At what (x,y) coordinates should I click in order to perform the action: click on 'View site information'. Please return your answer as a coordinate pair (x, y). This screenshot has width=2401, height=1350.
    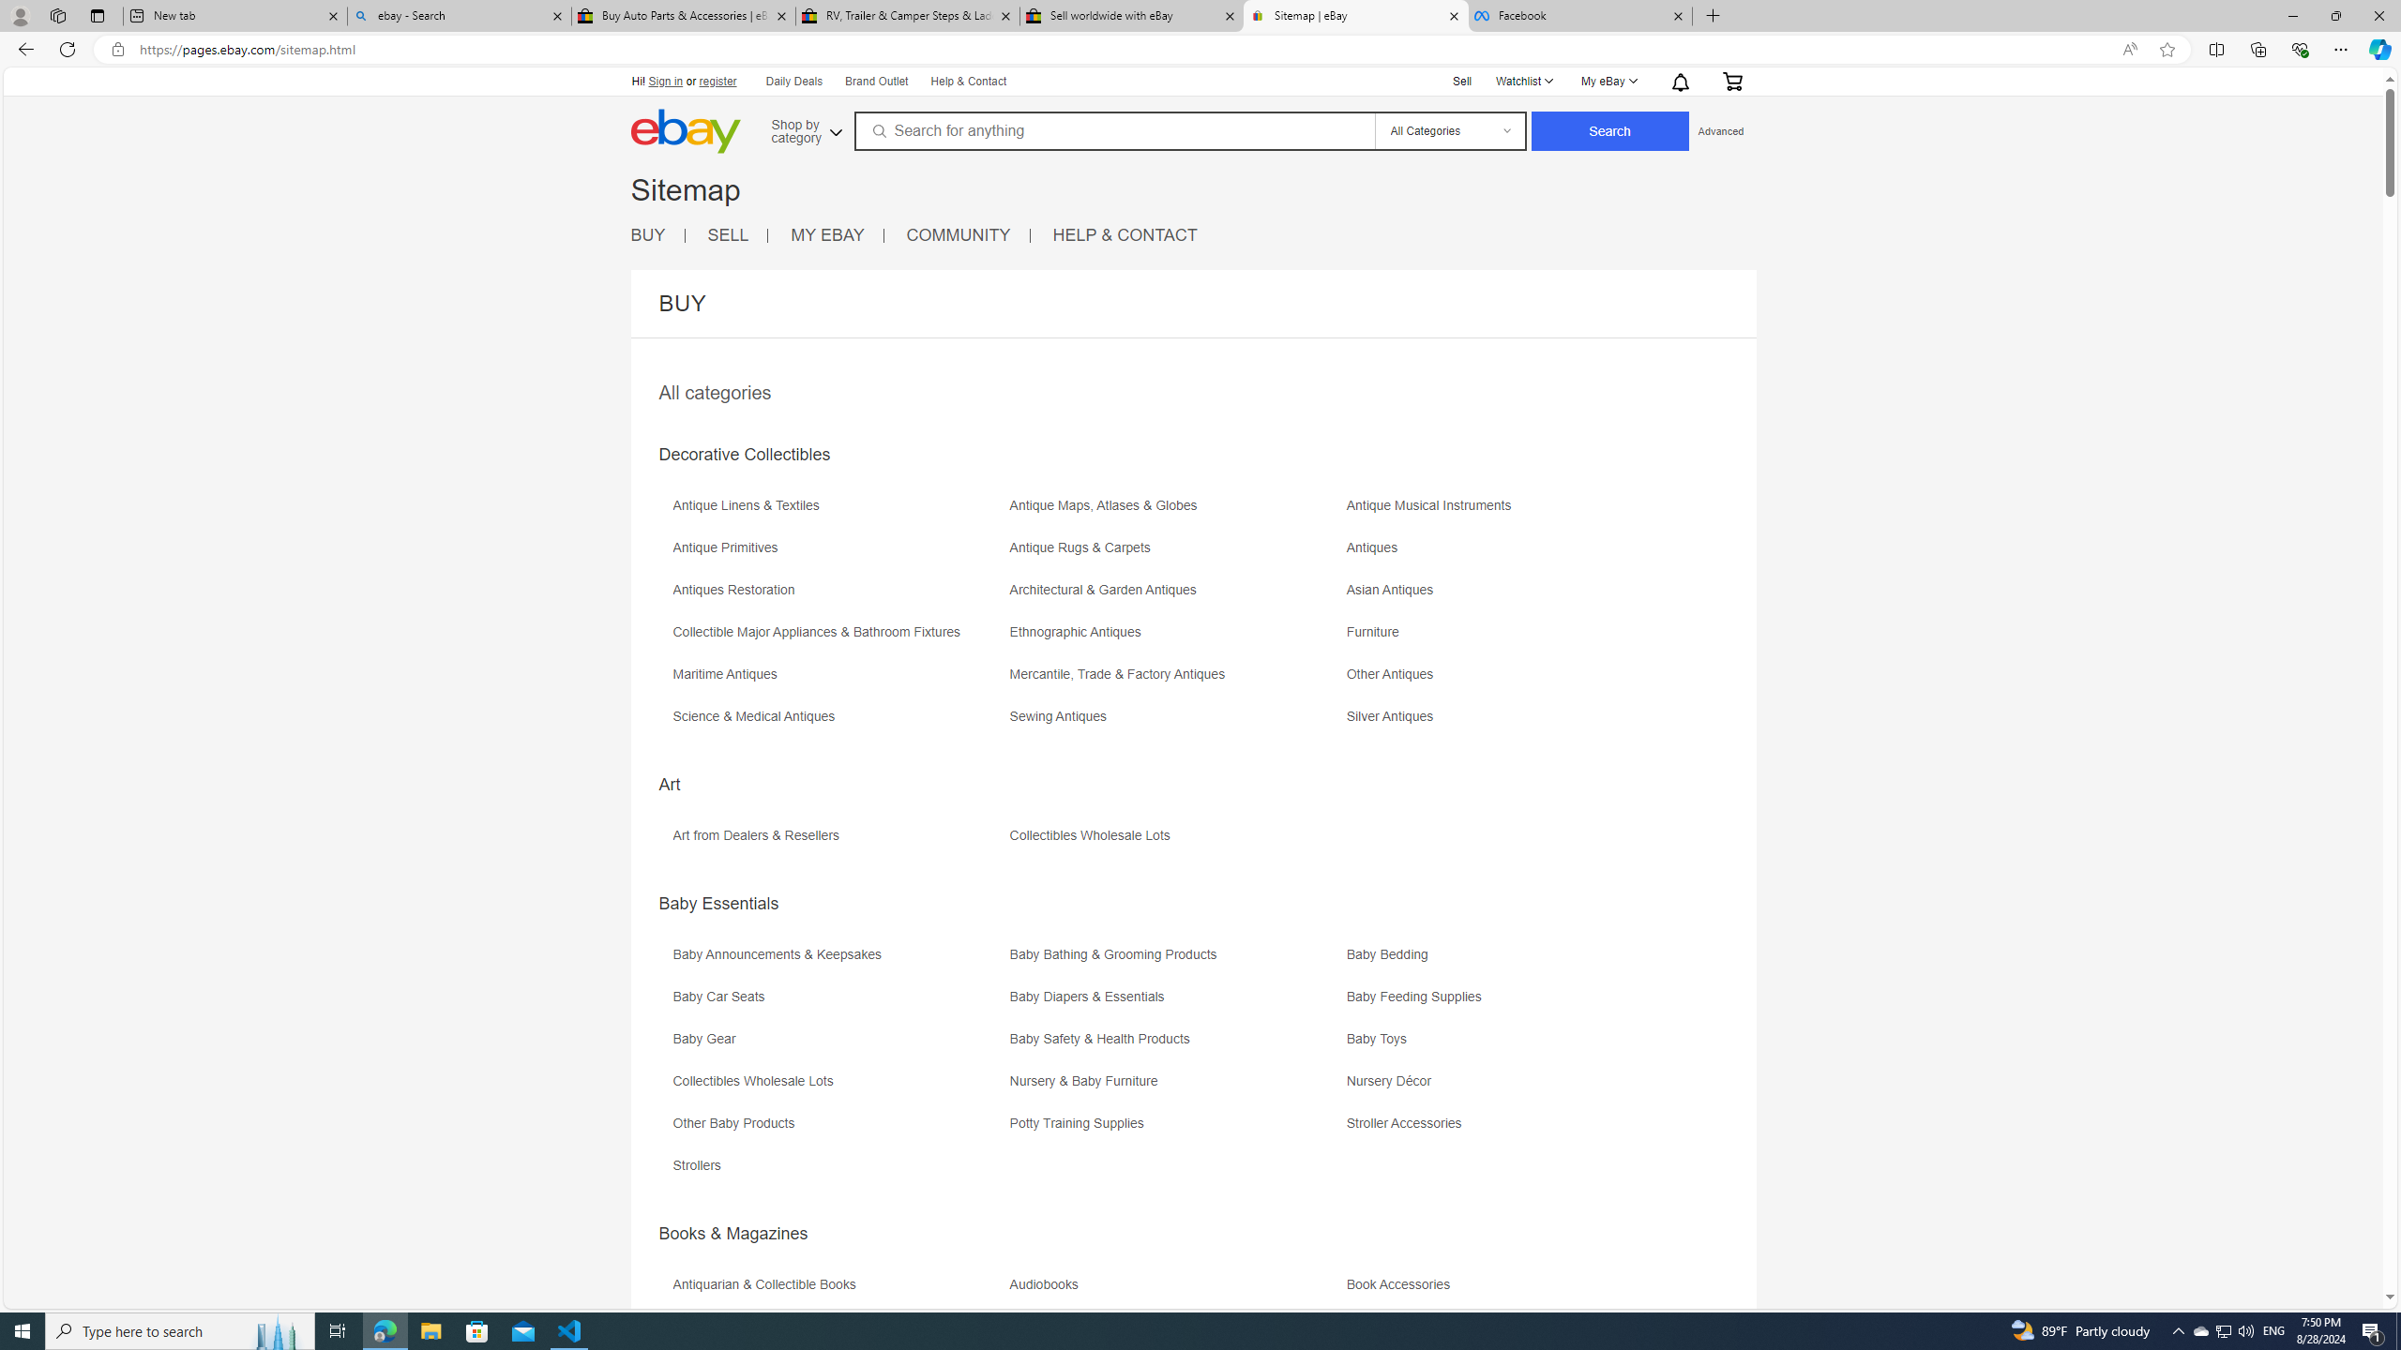
    Looking at the image, I should click on (117, 50).